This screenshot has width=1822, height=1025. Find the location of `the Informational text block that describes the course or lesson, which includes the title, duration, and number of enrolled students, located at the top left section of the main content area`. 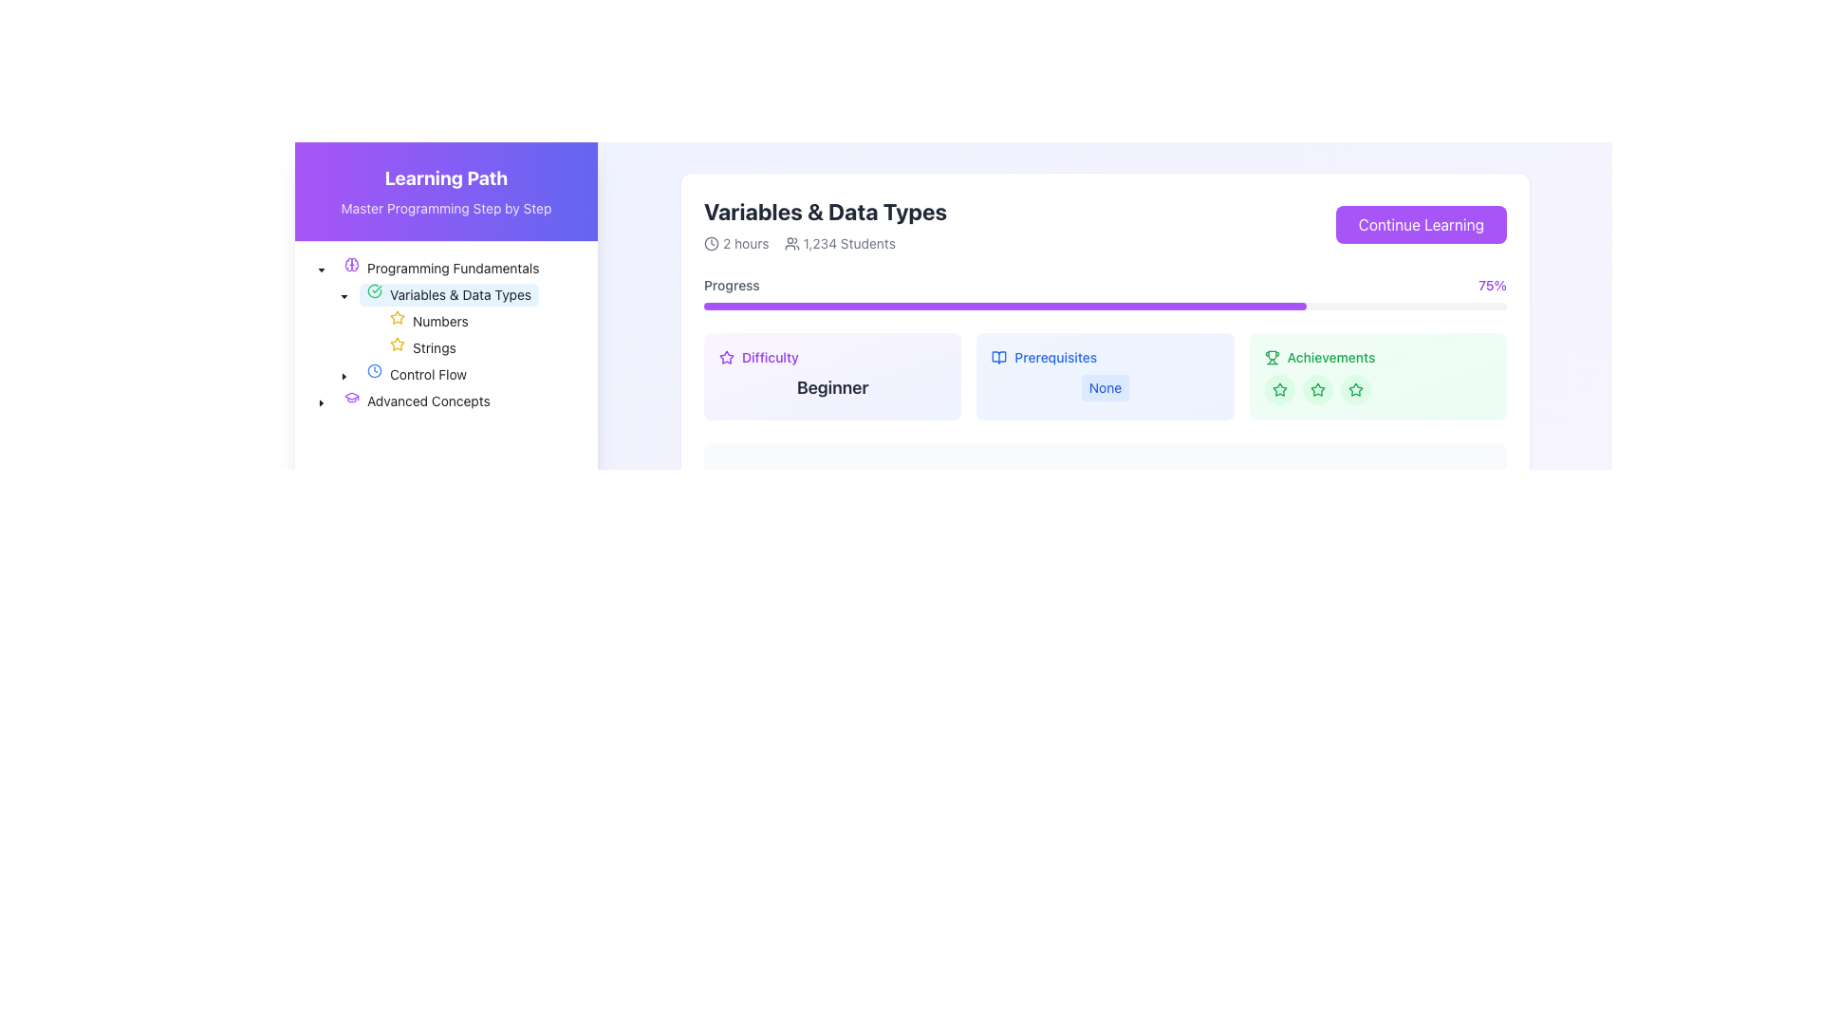

the Informational text block that describes the course or lesson, which includes the title, duration, and number of enrolled students, located at the top left section of the main content area is located at coordinates (826, 223).